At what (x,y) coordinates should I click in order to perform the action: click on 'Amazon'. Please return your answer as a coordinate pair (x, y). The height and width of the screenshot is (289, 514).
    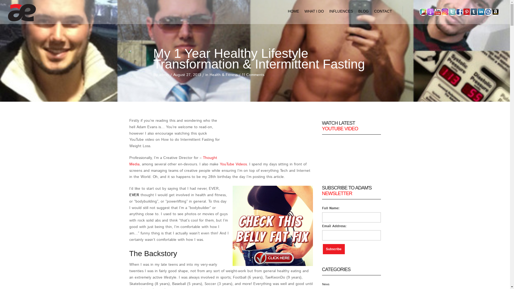
    Looking at the image, I should click on (495, 12).